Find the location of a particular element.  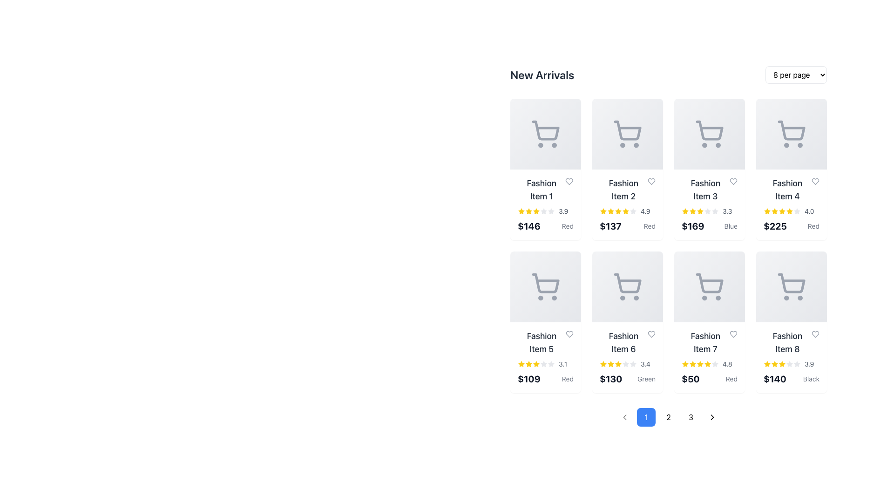

the third star icon with a yellow fill representing a filled rating within the review ratings of 'Fashion Item 4', located in the fourth card of the top row is located at coordinates (775, 211).